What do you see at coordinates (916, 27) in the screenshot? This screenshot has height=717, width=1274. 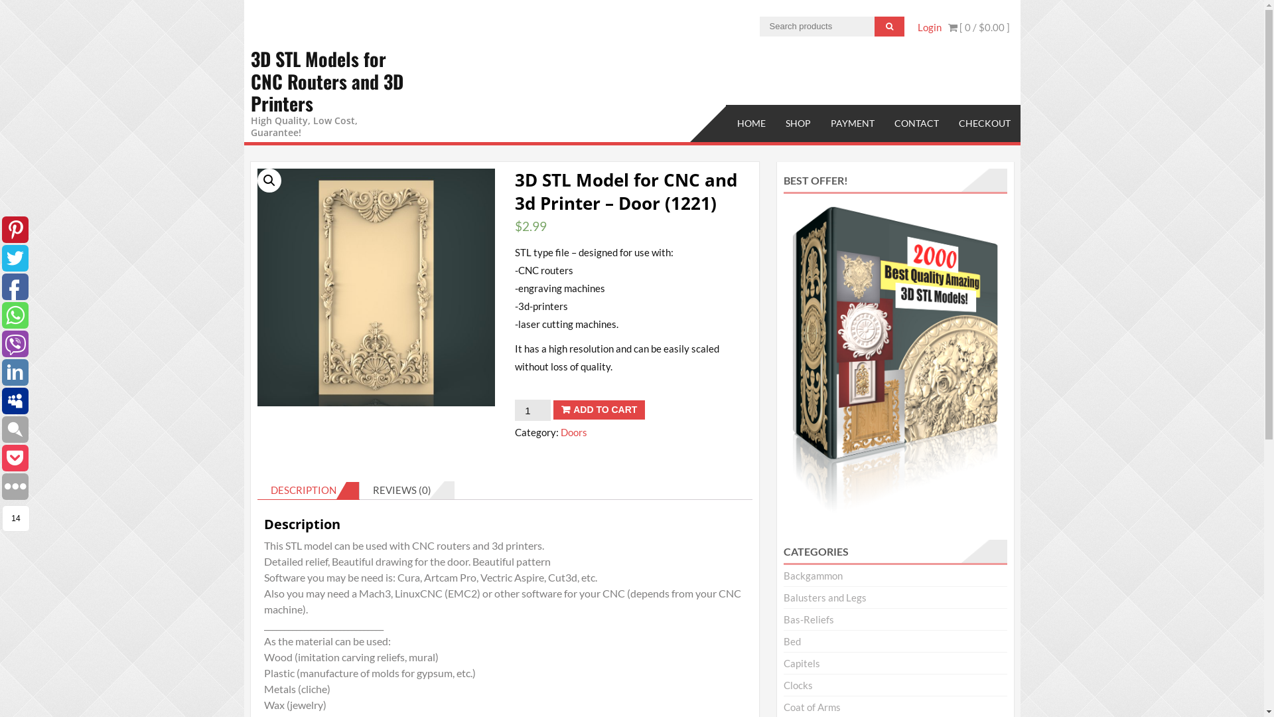 I see `'Login'` at bounding box center [916, 27].